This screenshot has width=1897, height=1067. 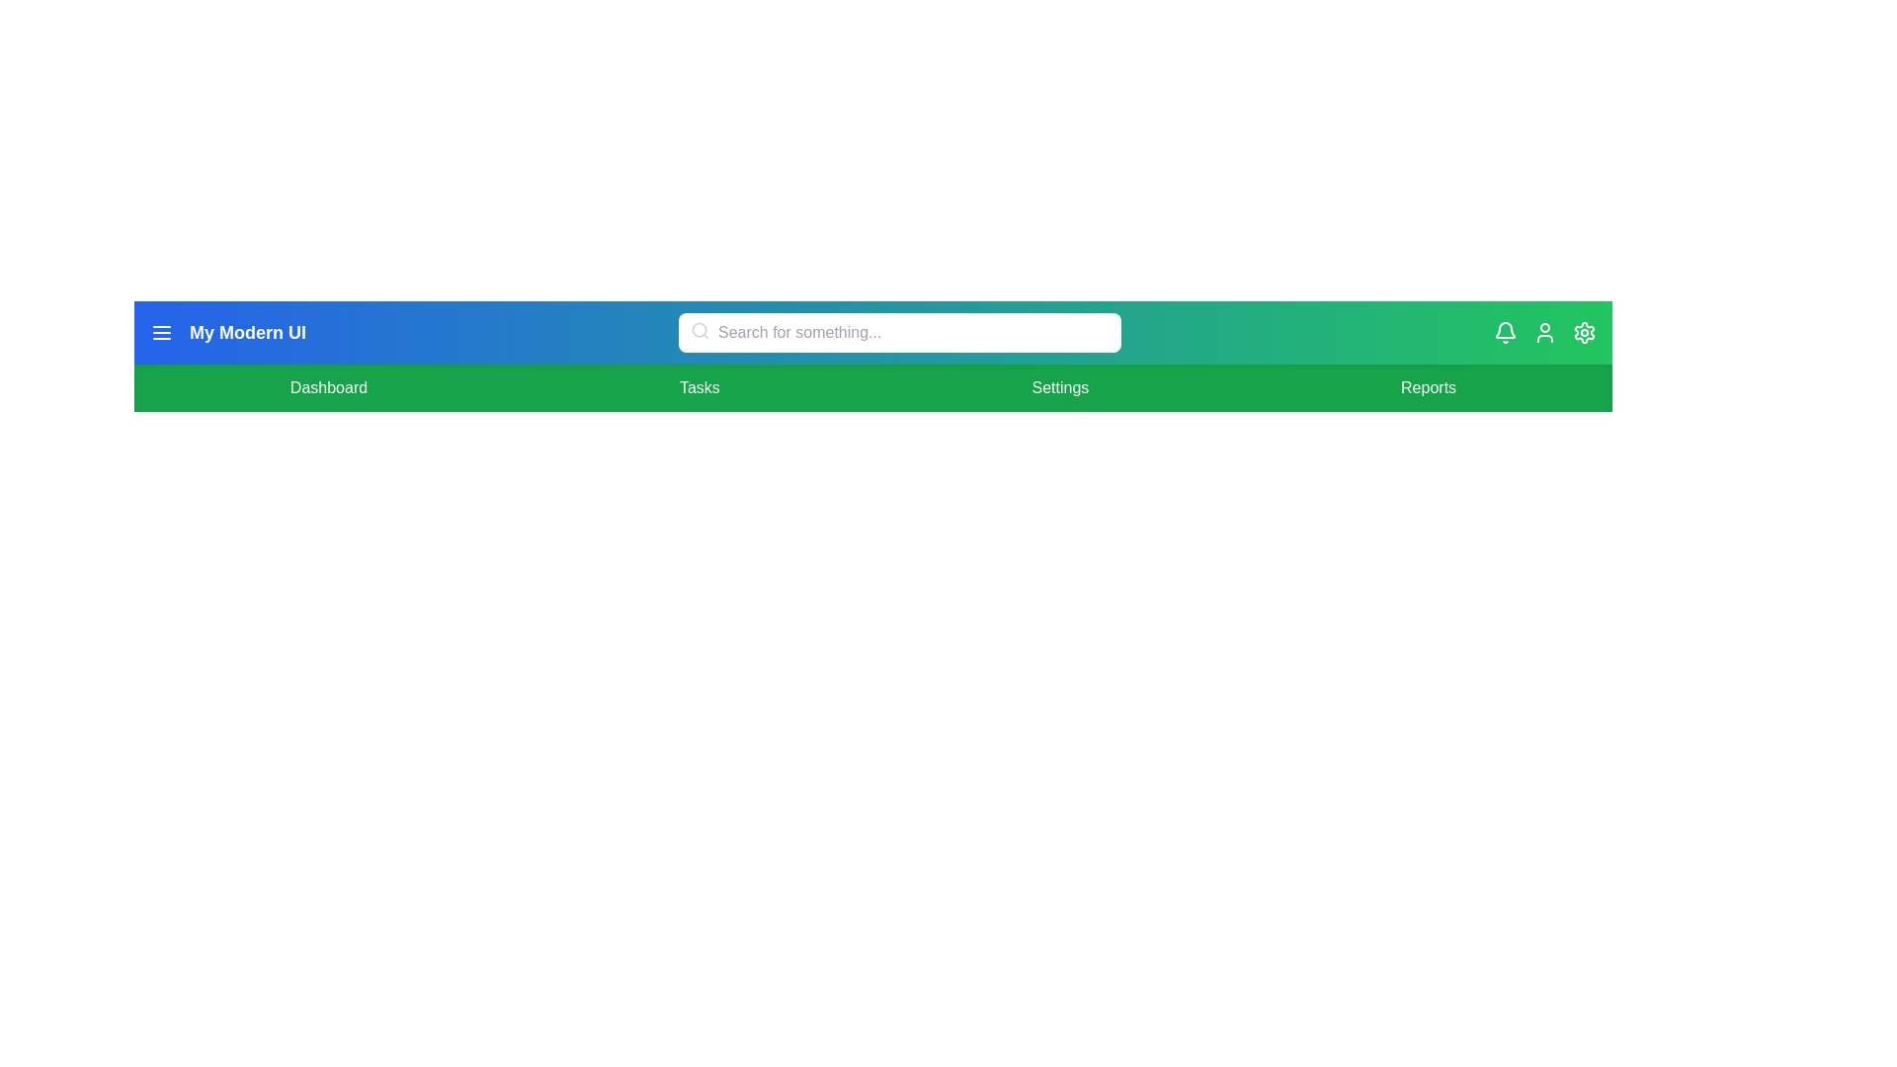 What do you see at coordinates (328, 388) in the screenshot?
I see `the menu item Dashboard to navigate to the corresponding section` at bounding box center [328, 388].